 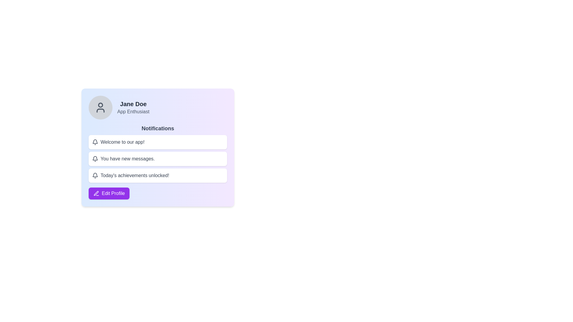 I want to click on the non-interactive text label displaying 'Jane Doe' in the top-left corner of the profile card, which is positioned above the subtitle 'App Enthusiast', so click(x=133, y=103).